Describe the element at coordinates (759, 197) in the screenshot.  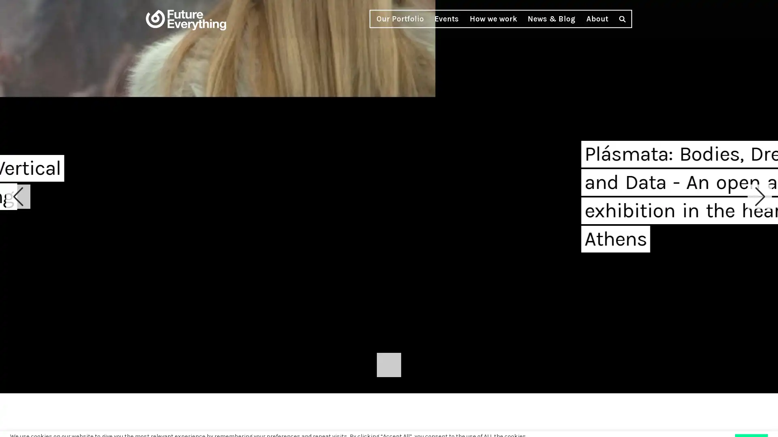
I see `Next` at that location.